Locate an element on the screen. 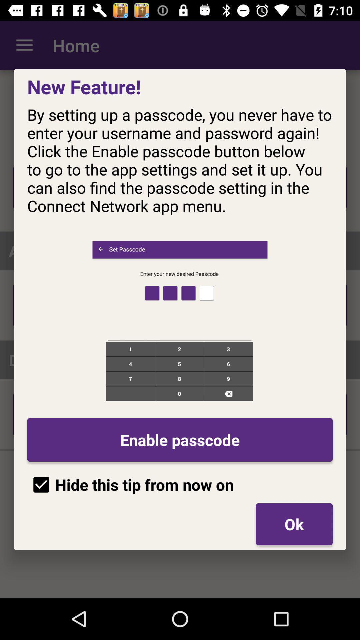 The width and height of the screenshot is (360, 640). the icon next to ok is located at coordinates (130, 485).